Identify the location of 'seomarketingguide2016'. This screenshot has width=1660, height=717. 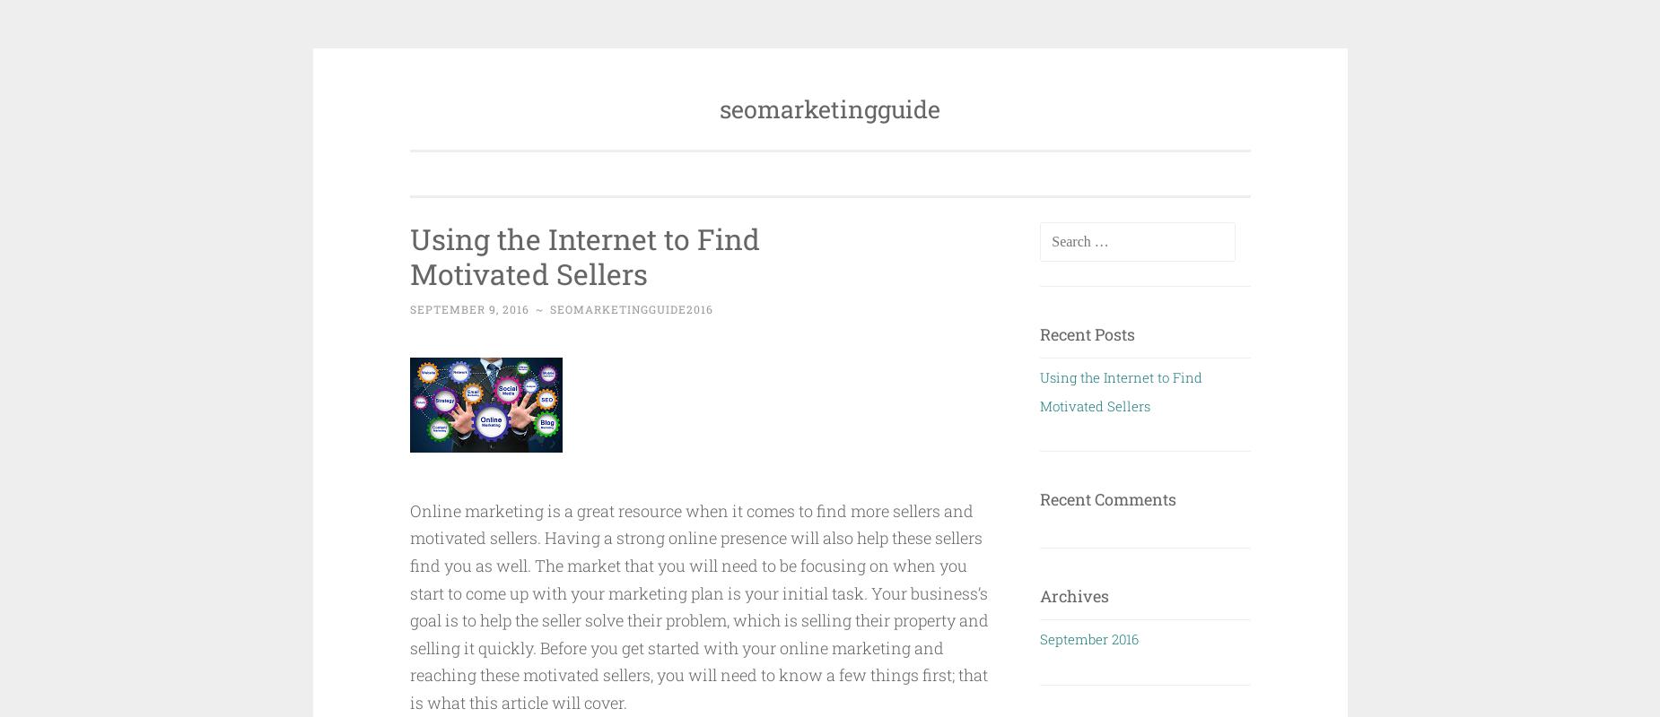
(631, 308).